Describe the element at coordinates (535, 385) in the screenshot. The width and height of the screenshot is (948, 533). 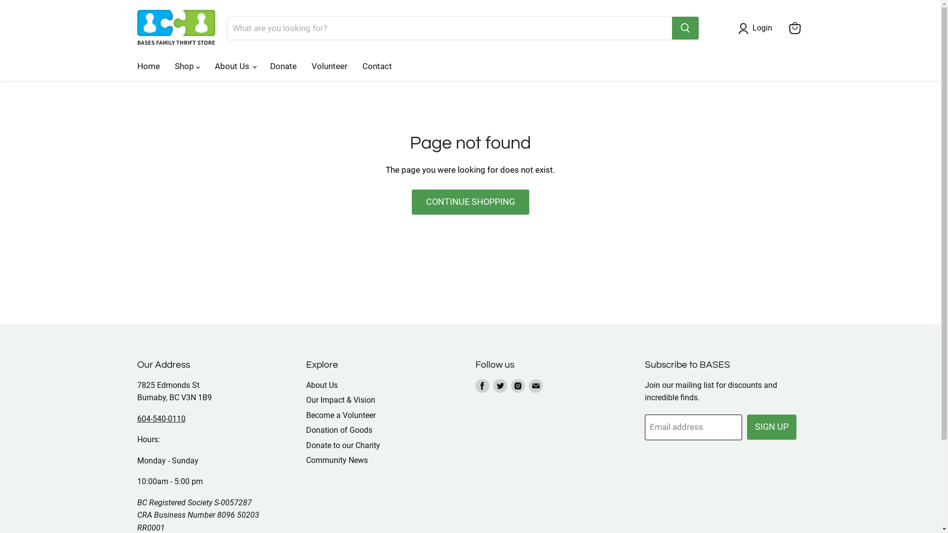
I see `'Find us on Email'` at that location.